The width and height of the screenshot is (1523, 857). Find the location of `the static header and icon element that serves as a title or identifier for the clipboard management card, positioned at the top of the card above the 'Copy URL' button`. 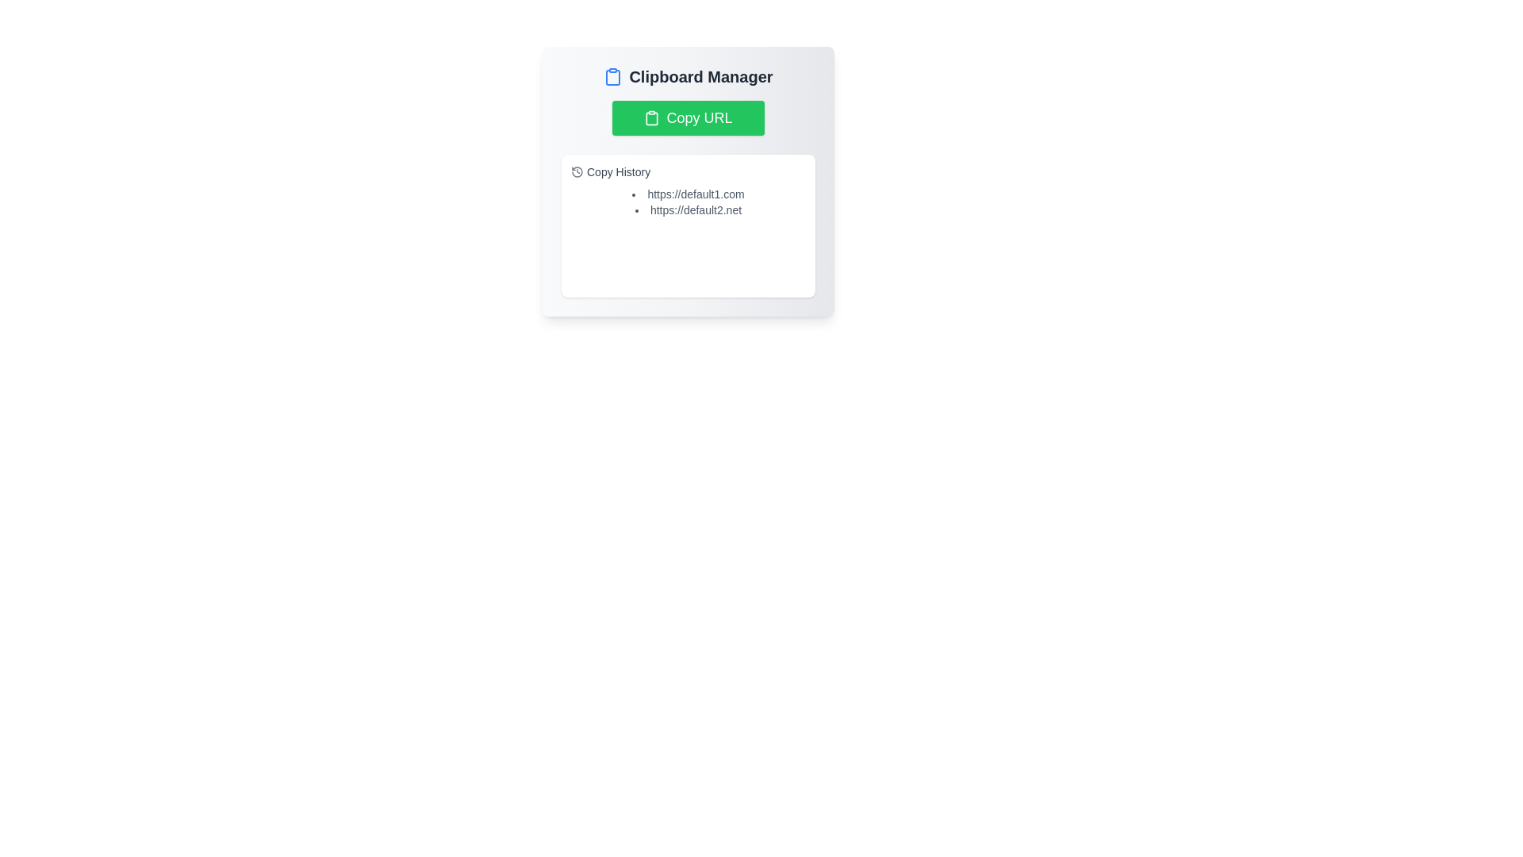

the static header and icon element that serves as a title or identifier for the clipboard management card, positioned at the top of the card above the 'Copy URL' button is located at coordinates (689, 76).